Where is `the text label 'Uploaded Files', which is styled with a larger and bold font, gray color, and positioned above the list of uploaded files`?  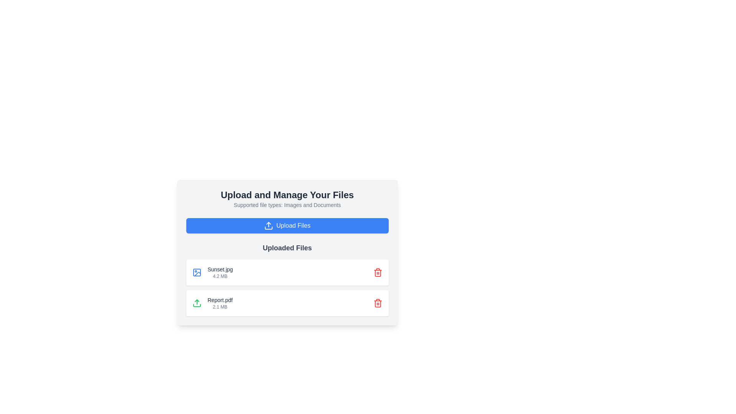
the text label 'Uploaded Files', which is styled with a larger and bold font, gray color, and positioned above the list of uploaded files is located at coordinates (287, 248).